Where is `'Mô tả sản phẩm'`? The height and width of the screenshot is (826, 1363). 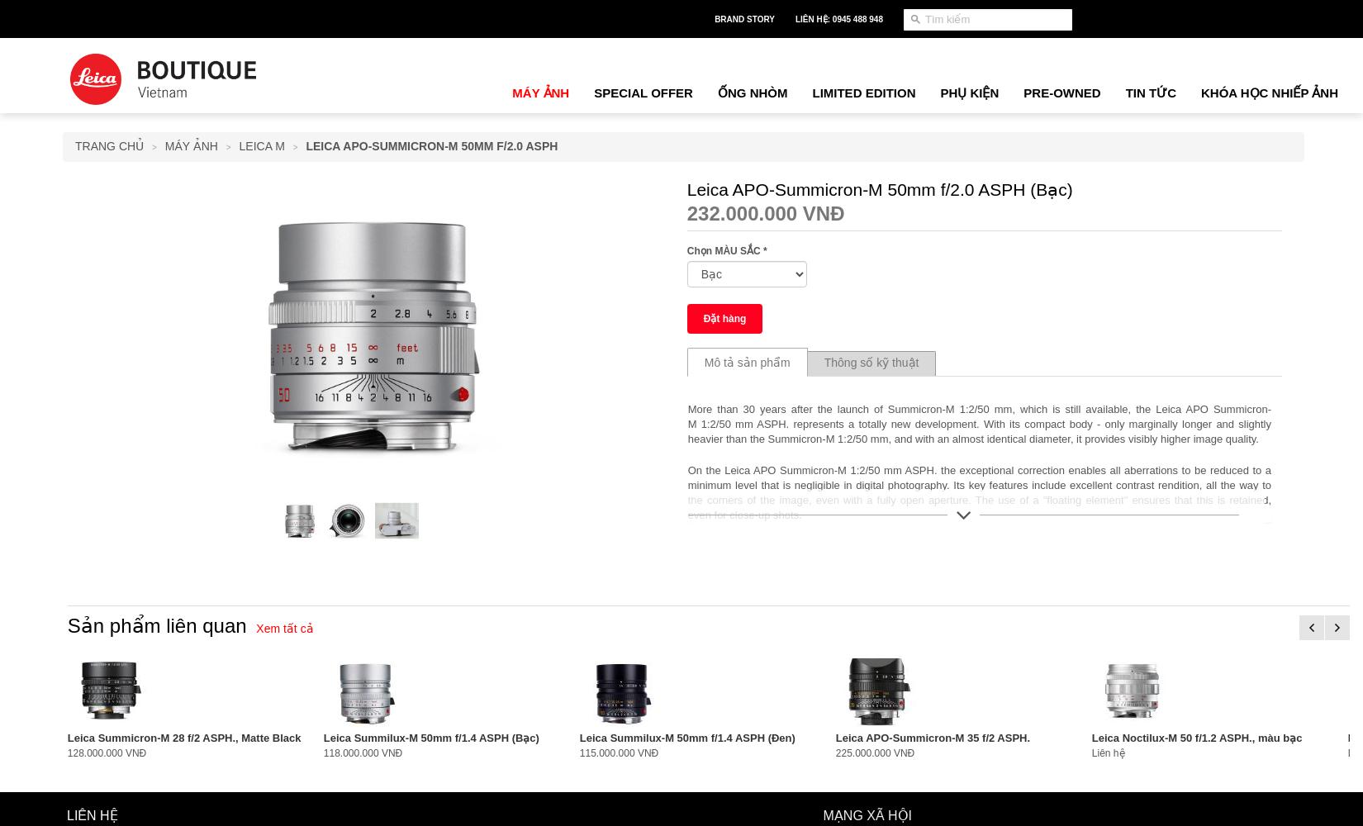 'Mô tả sản phẩm' is located at coordinates (747, 362).